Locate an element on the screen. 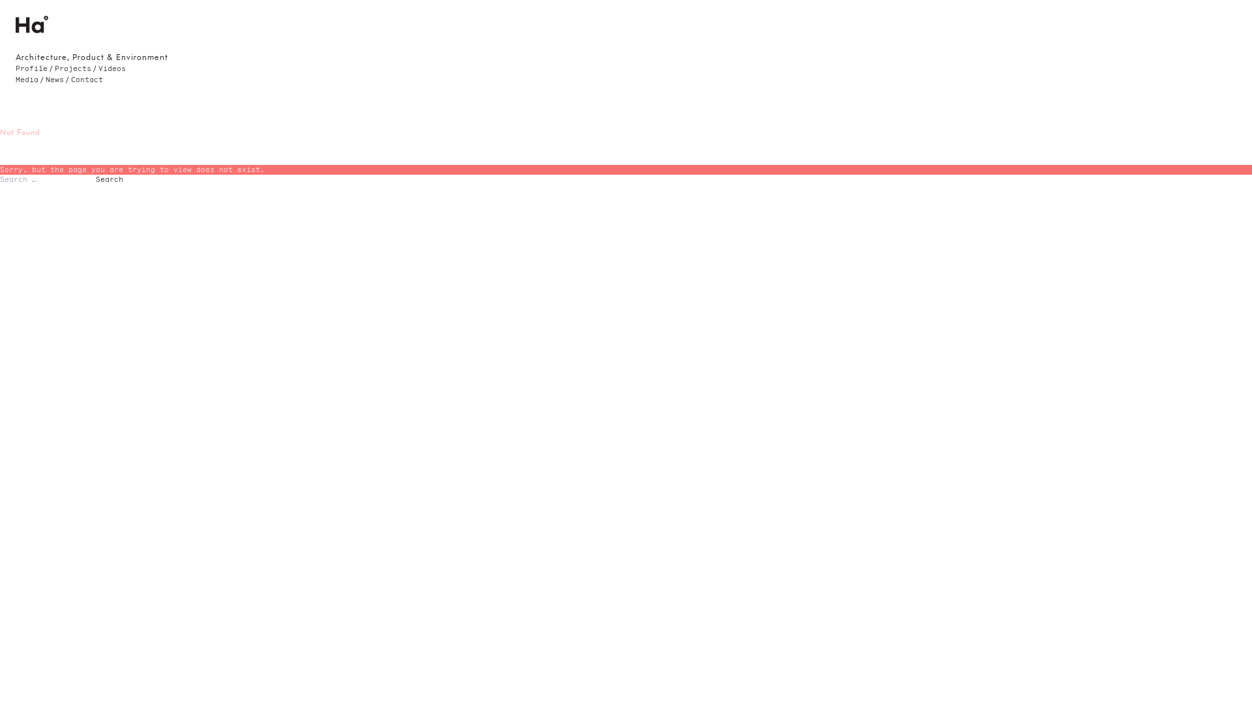 This screenshot has width=1252, height=704. 'Projects' is located at coordinates (53, 68).